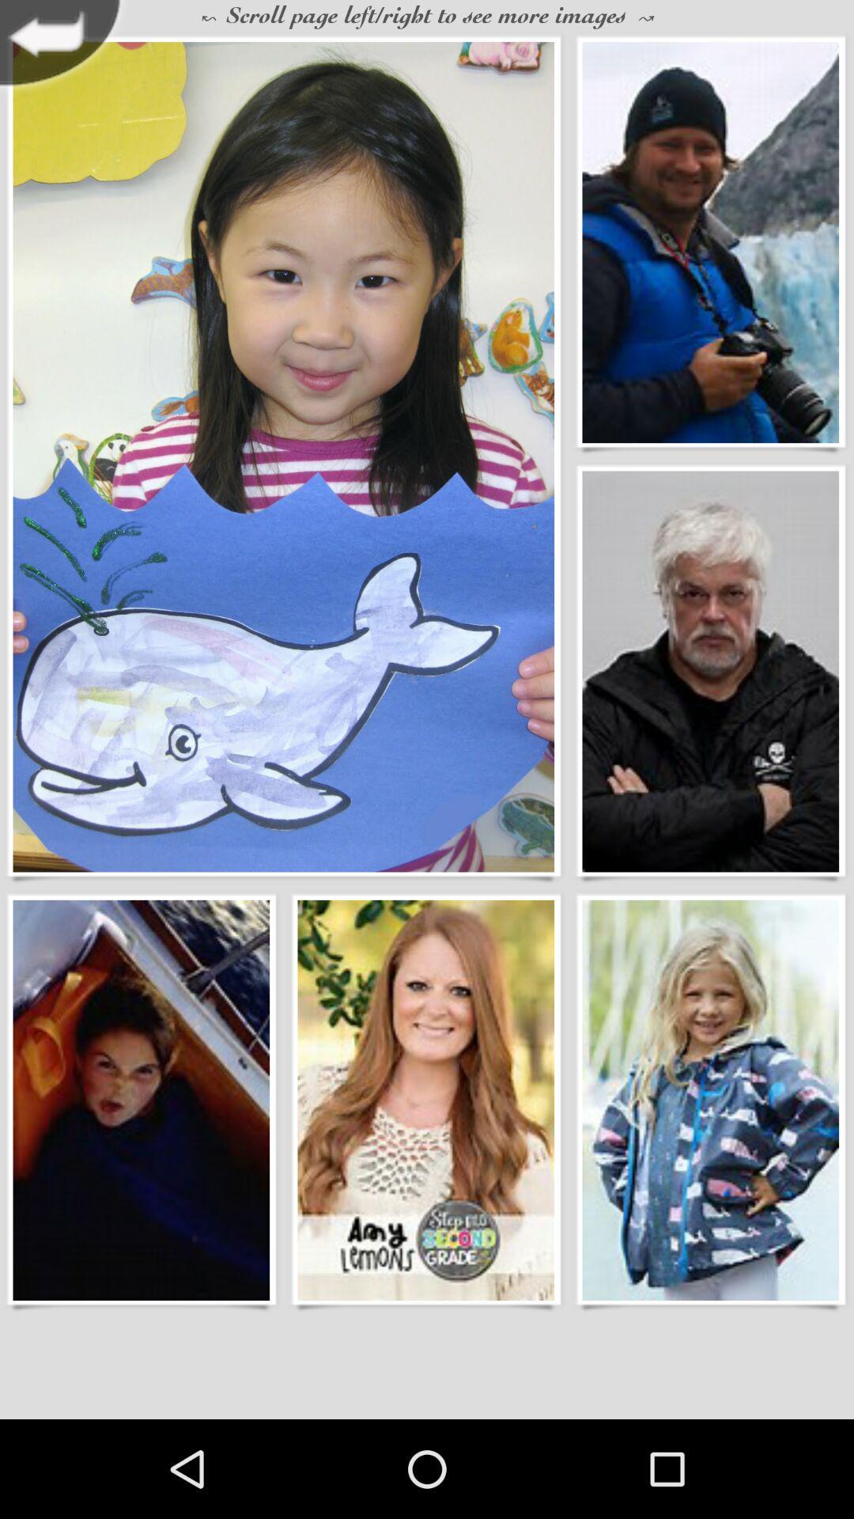 The height and width of the screenshot is (1519, 854). I want to click on go back, so click(64, 47).